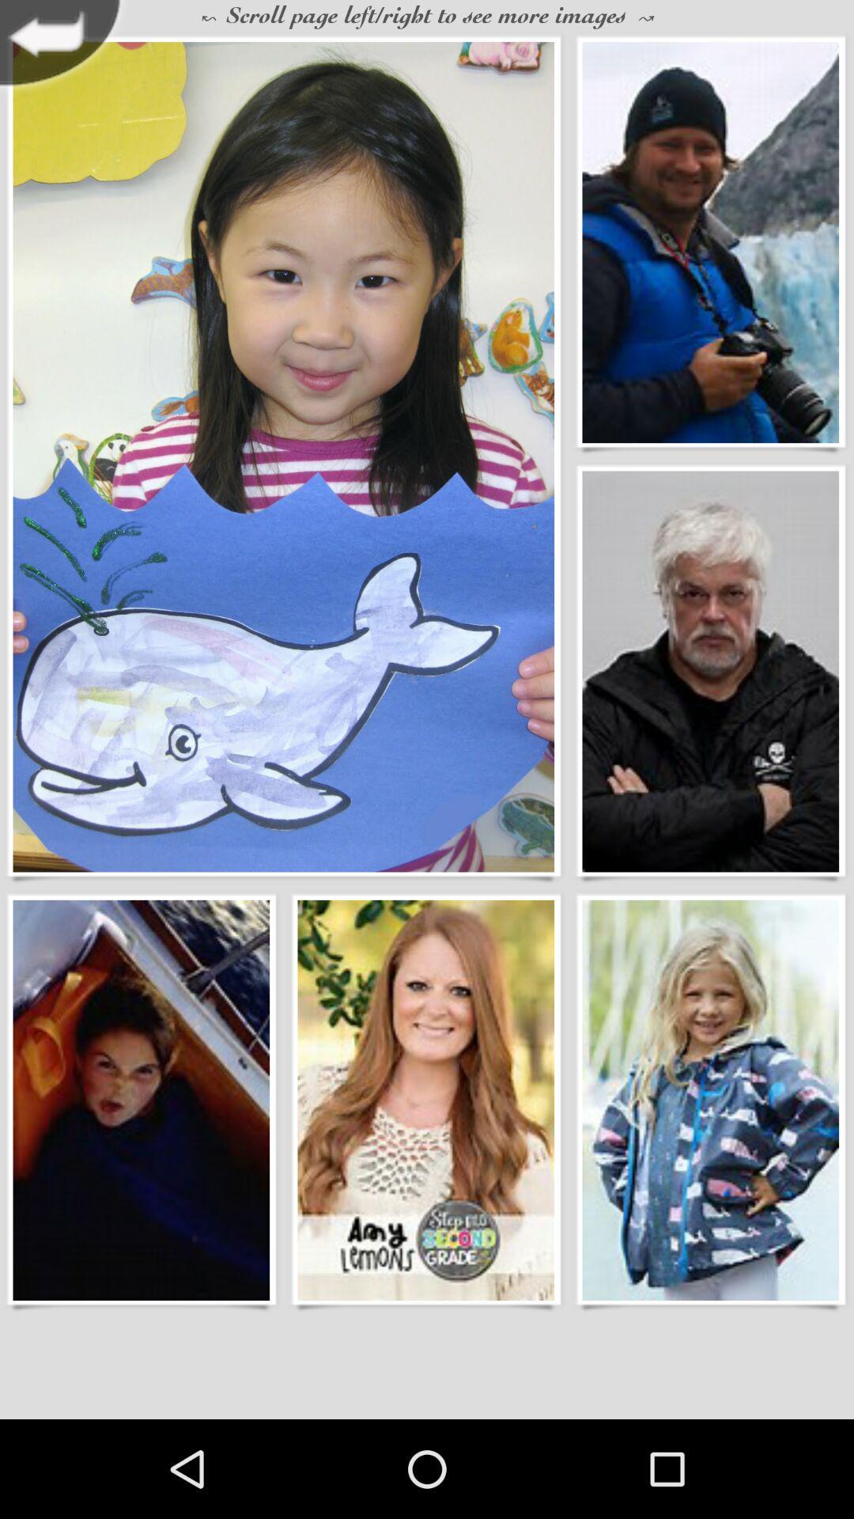 The height and width of the screenshot is (1519, 854). I want to click on go back, so click(64, 47).